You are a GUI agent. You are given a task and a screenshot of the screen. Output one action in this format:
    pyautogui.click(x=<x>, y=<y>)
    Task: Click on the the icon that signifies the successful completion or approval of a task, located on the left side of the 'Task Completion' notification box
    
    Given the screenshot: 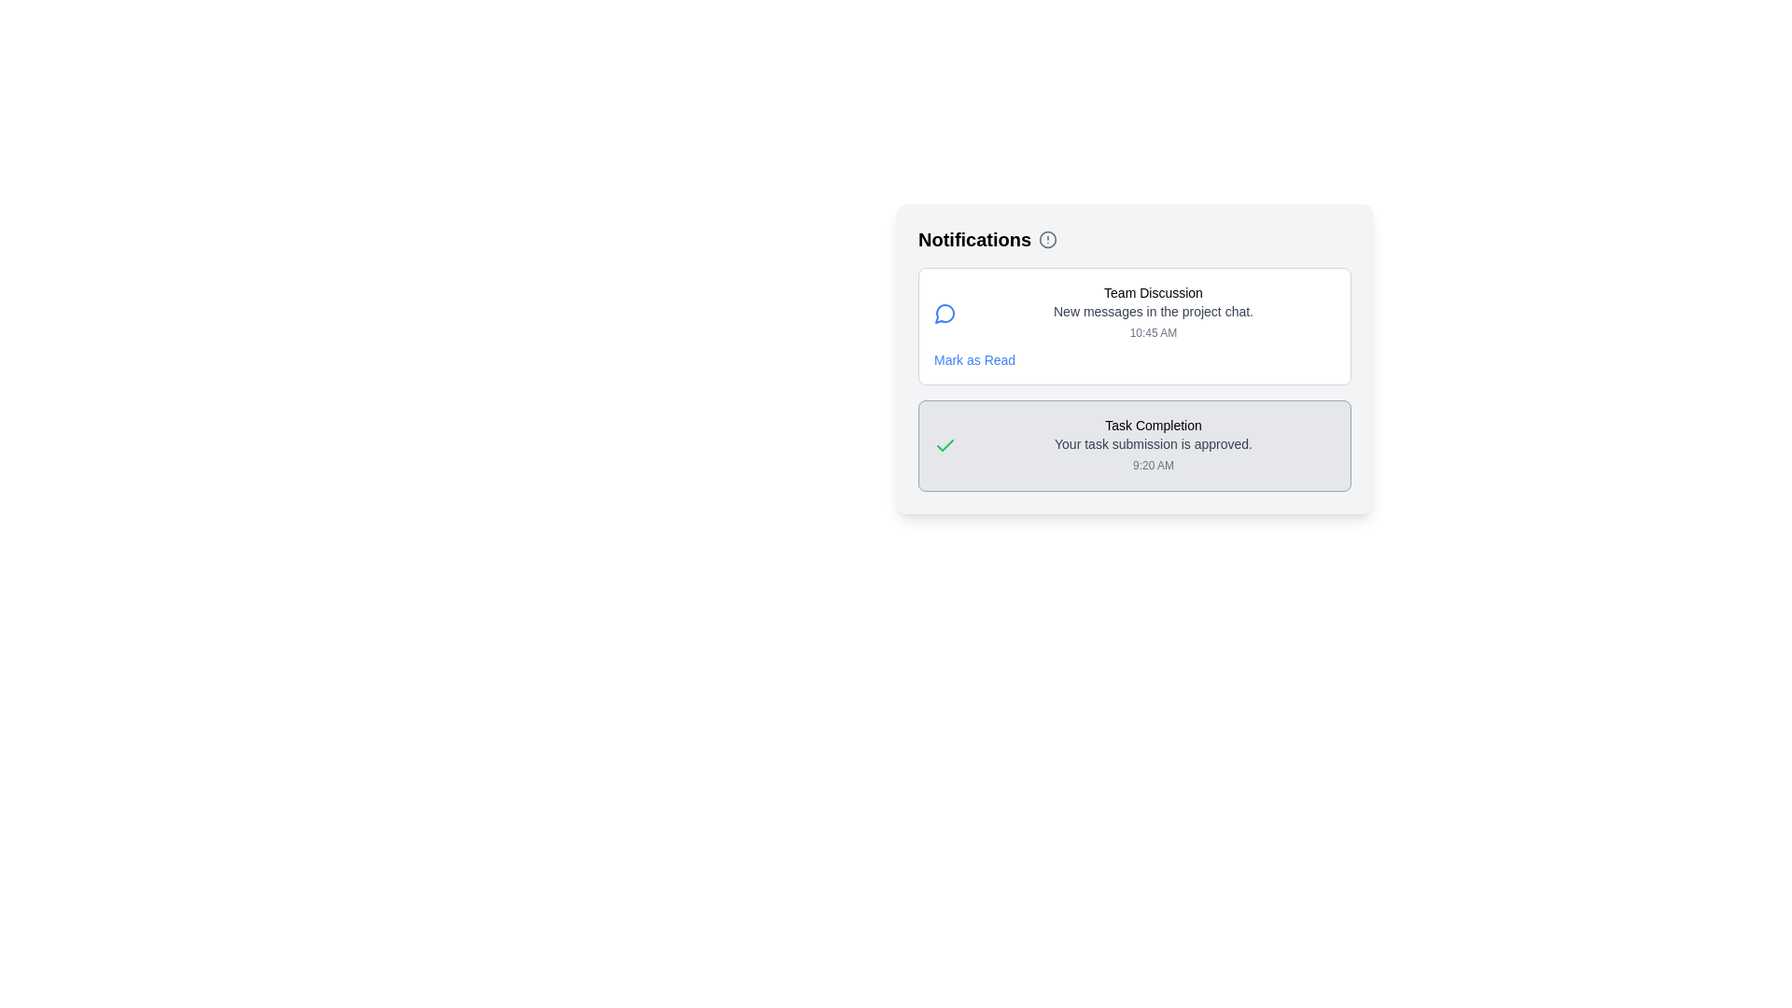 What is the action you would take?
    pyautogui.click(x=945, y=446)
    